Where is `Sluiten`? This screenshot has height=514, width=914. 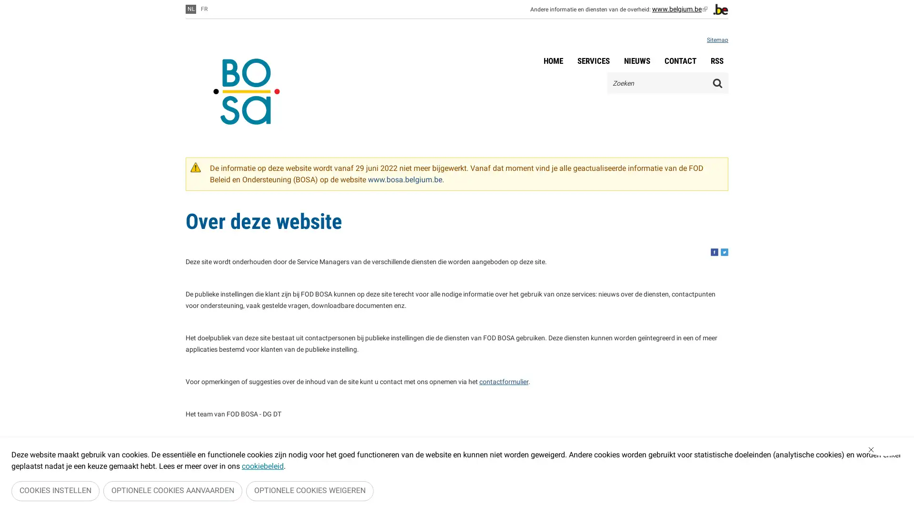 Sluiten is located at coordinates (886, 452).